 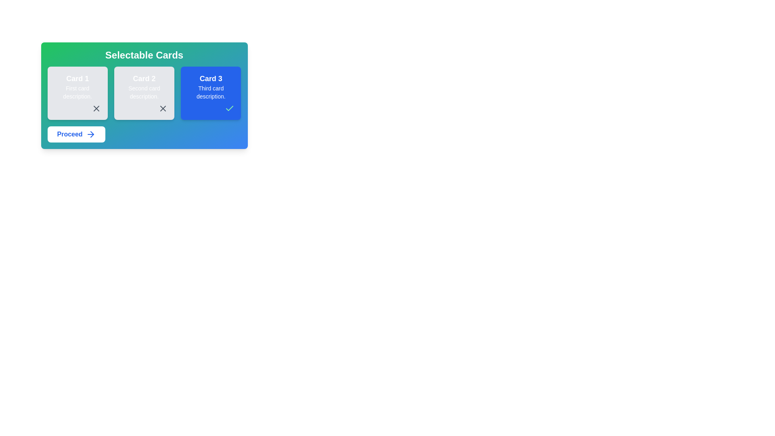 What do you see at coordinates (76, 134) in the screenshot?
I see `the 'Proceed' button to navigate forward` at bounding box center [76, 134].